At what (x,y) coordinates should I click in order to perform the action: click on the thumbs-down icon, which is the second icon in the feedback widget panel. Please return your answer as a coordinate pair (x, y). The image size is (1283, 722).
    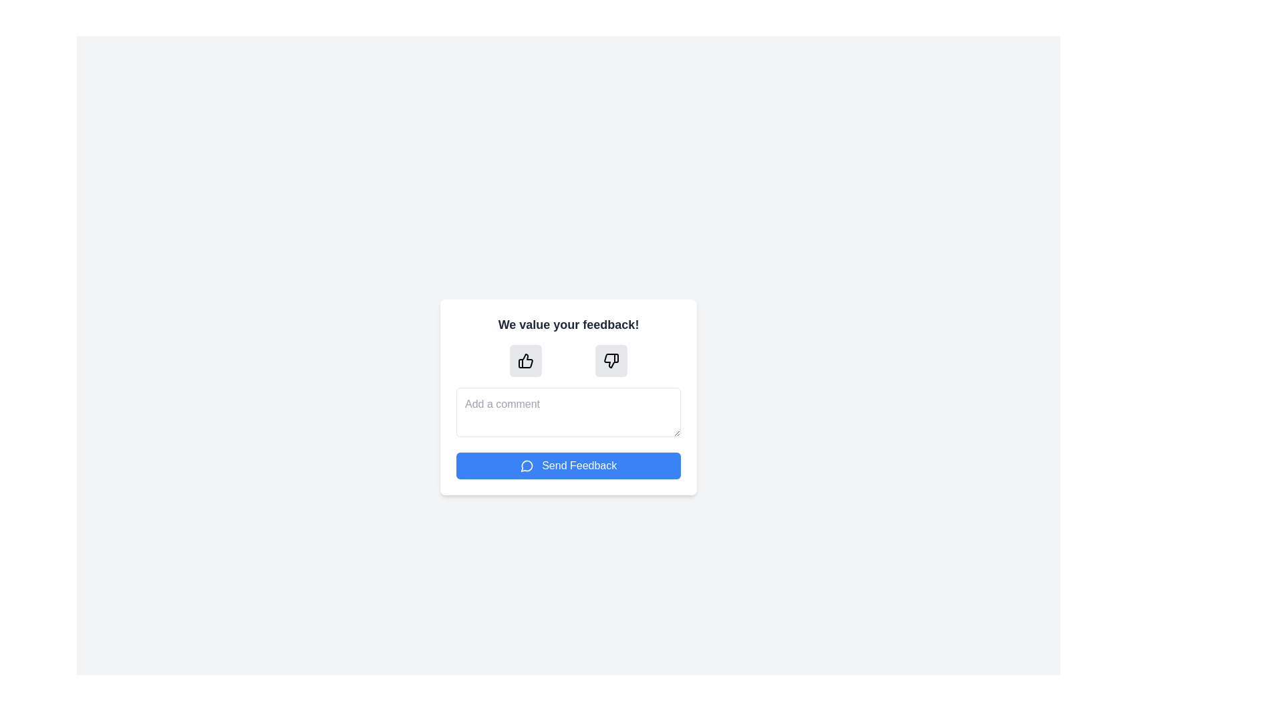
    Looking at the image, I should click on (611, 360).